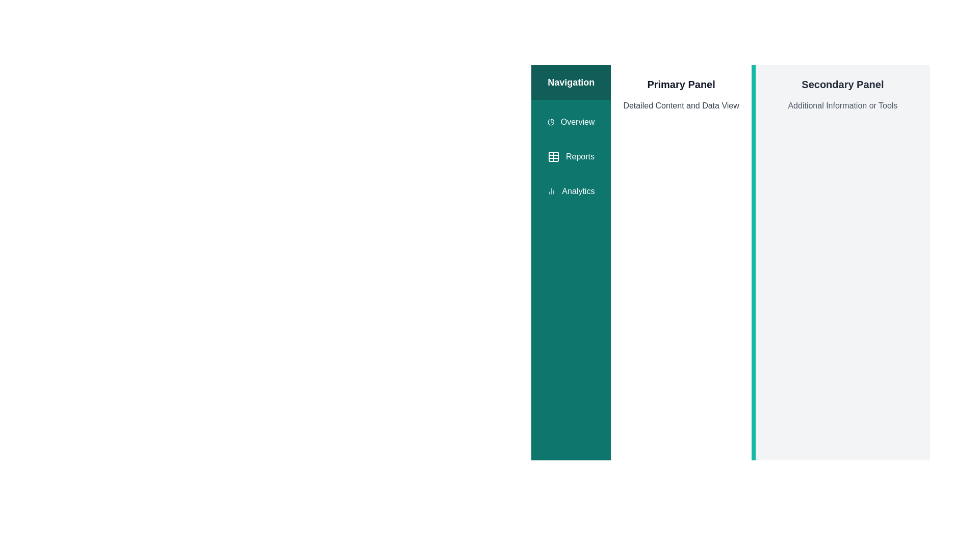  Describe the element at coordinates (571, 82) in the screenshot. I see `the 'Navigation' label, which is a rectangular component with a teal background and bold white text, located at the top of the sidebar on the left side of the interface` at that location.